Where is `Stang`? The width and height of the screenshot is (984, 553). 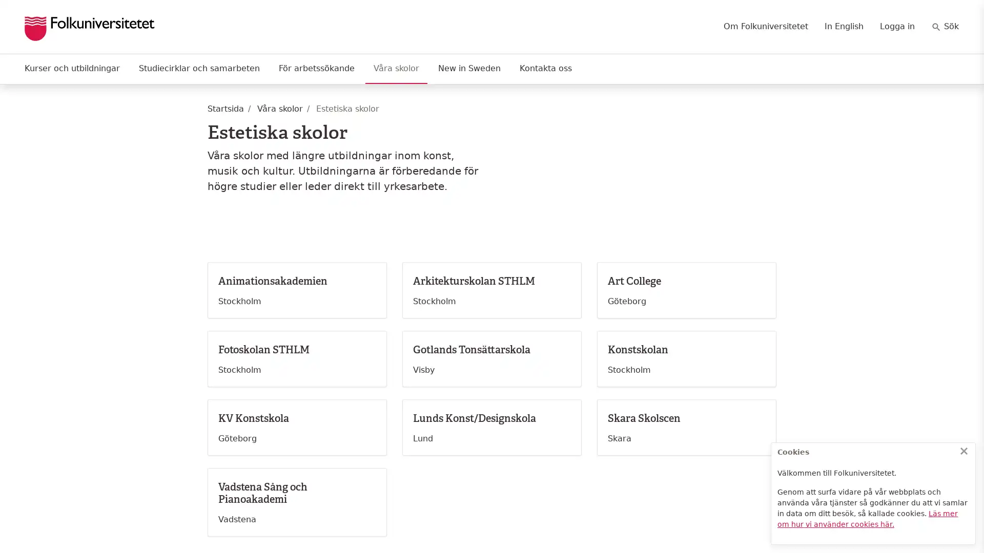 Stang is located at coordinates (963, 450).